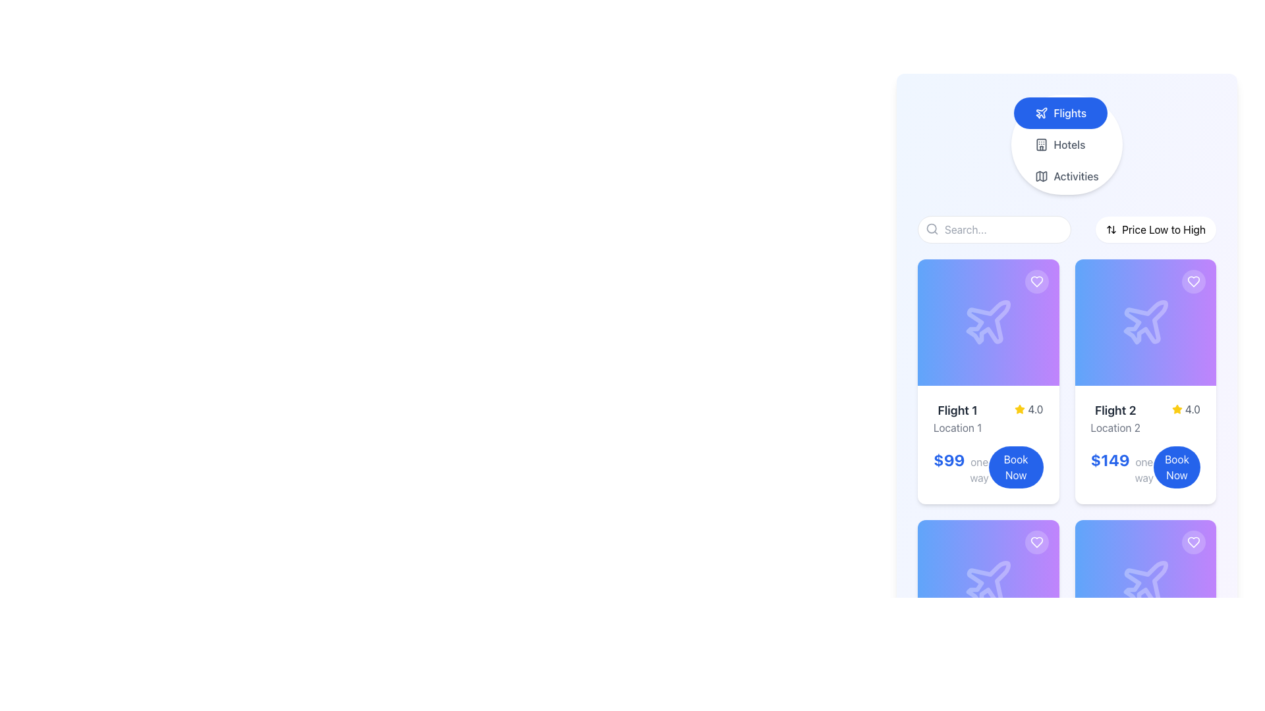 The image size is (1265, 711). I want to click on the 'Book Now' button, which is a rounded rectangular button with a vivid blue background and white bold text, located at the bottom right of the flight information card, so click(1015, 466).